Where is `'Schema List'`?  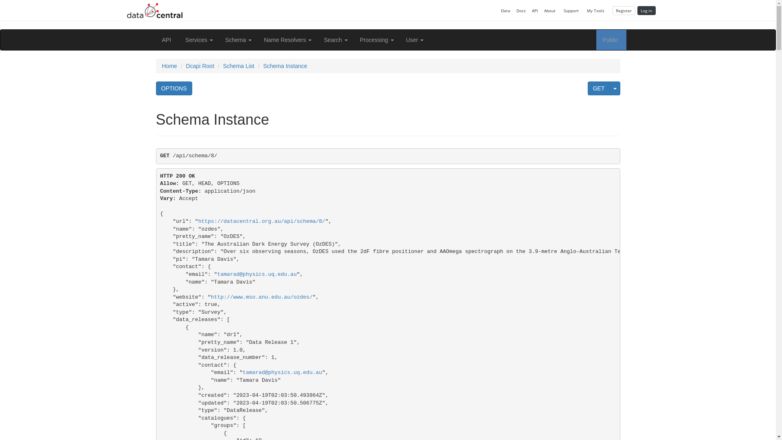 'Schema List' is located at coordinates (238, 66).